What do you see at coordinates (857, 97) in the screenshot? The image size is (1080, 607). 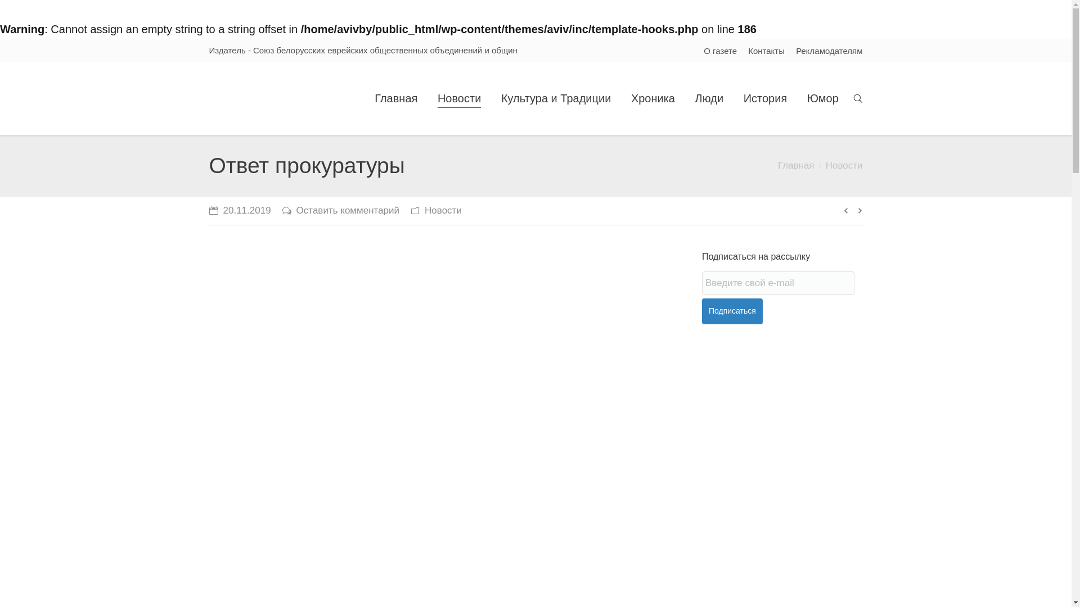 I see `' '` at bounding box center [857, 97].